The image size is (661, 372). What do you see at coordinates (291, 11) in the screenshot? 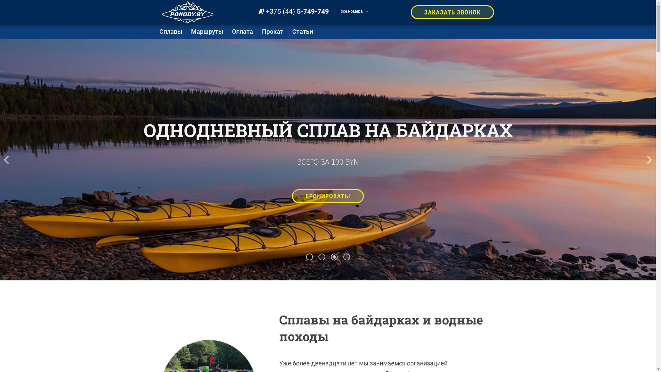
I see `'+375 (44) 5-749-749'` at bounding box center [291, 11].